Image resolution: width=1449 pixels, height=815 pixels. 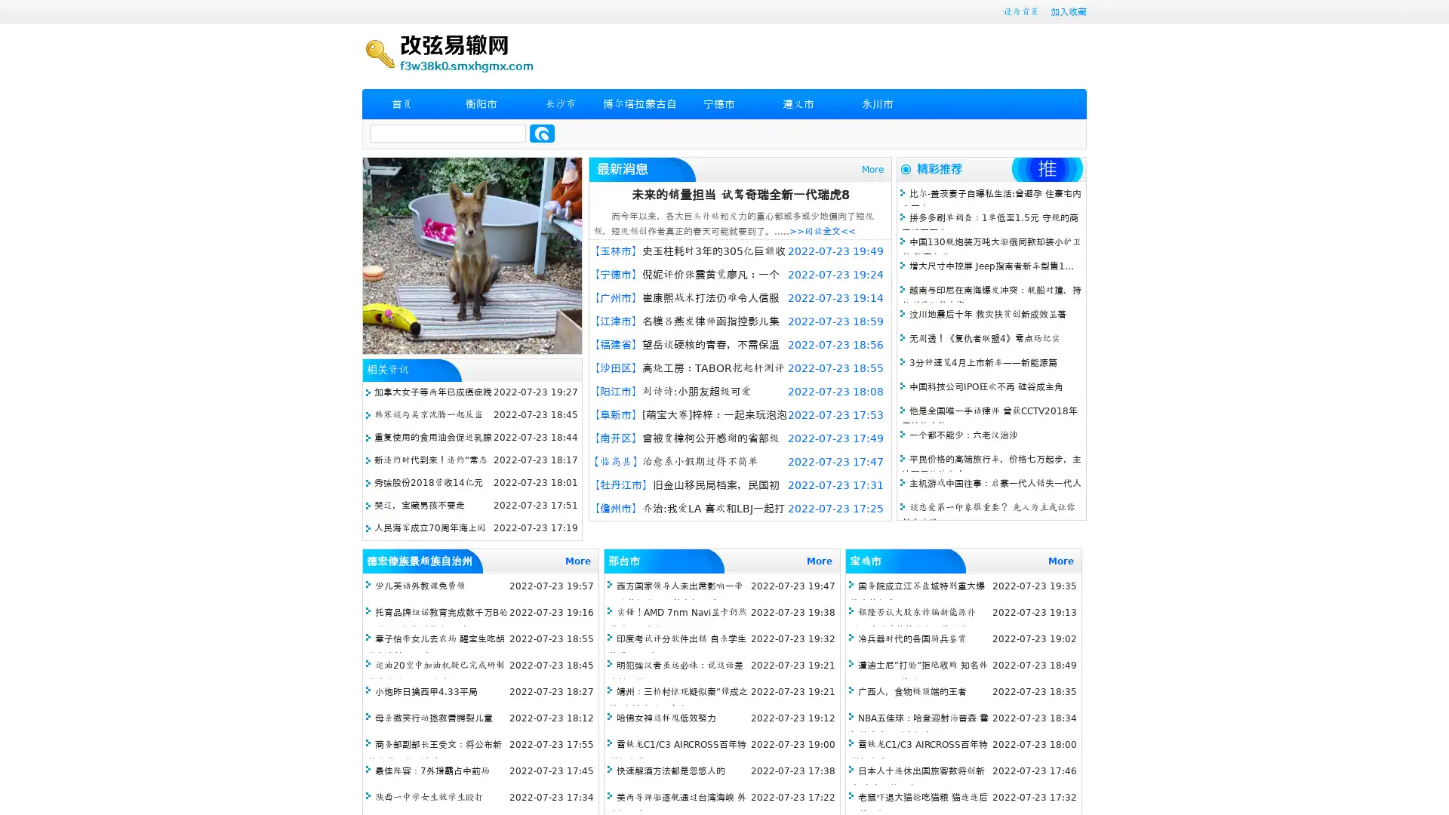 I want to click on Search, so click(x=542, y=133).